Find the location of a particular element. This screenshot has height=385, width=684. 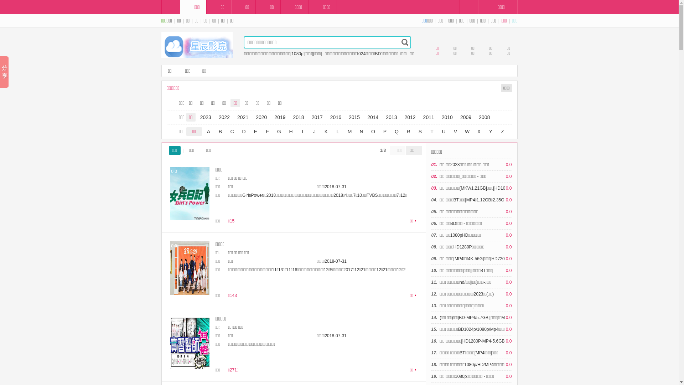

'2021' is located at coordinates (243, 117).